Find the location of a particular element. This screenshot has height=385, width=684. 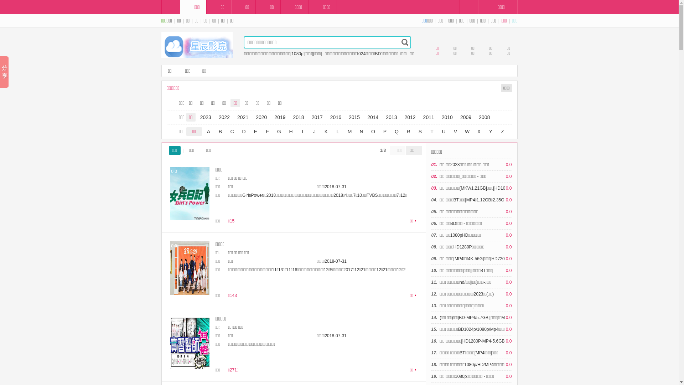

'2021' is located at coordinates (243, 117).